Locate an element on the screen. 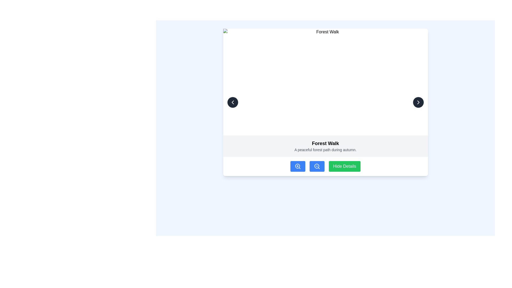  the Text label that provides additional details about the title 'Forest Walk', located in the lower central section of the interface is located at coordinates (325, 150).